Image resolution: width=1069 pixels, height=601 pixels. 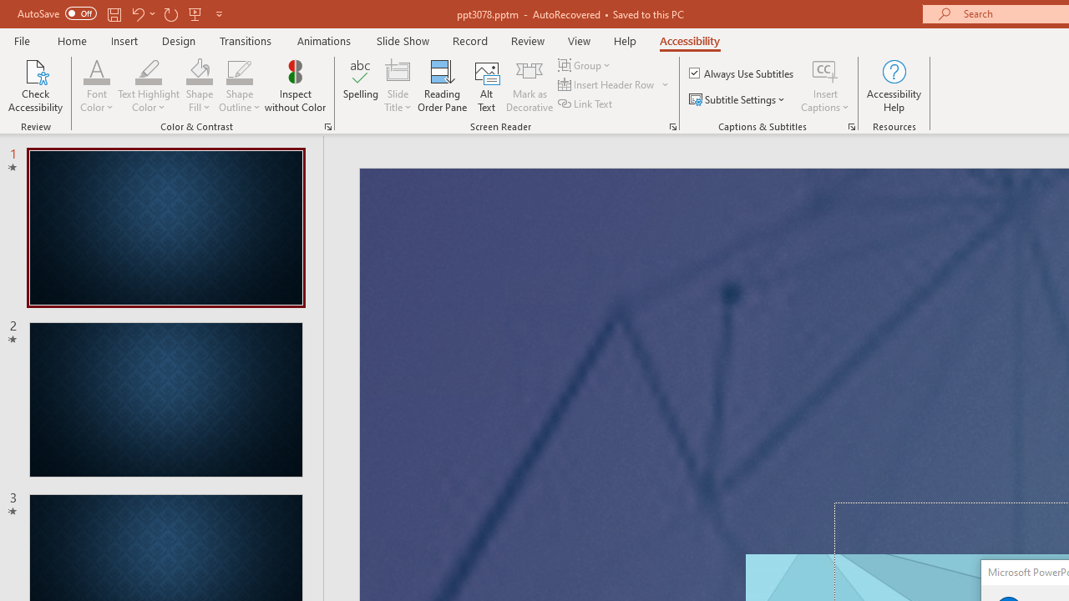 I want to click on 'Shape Outline', so click(x=239, y=86).